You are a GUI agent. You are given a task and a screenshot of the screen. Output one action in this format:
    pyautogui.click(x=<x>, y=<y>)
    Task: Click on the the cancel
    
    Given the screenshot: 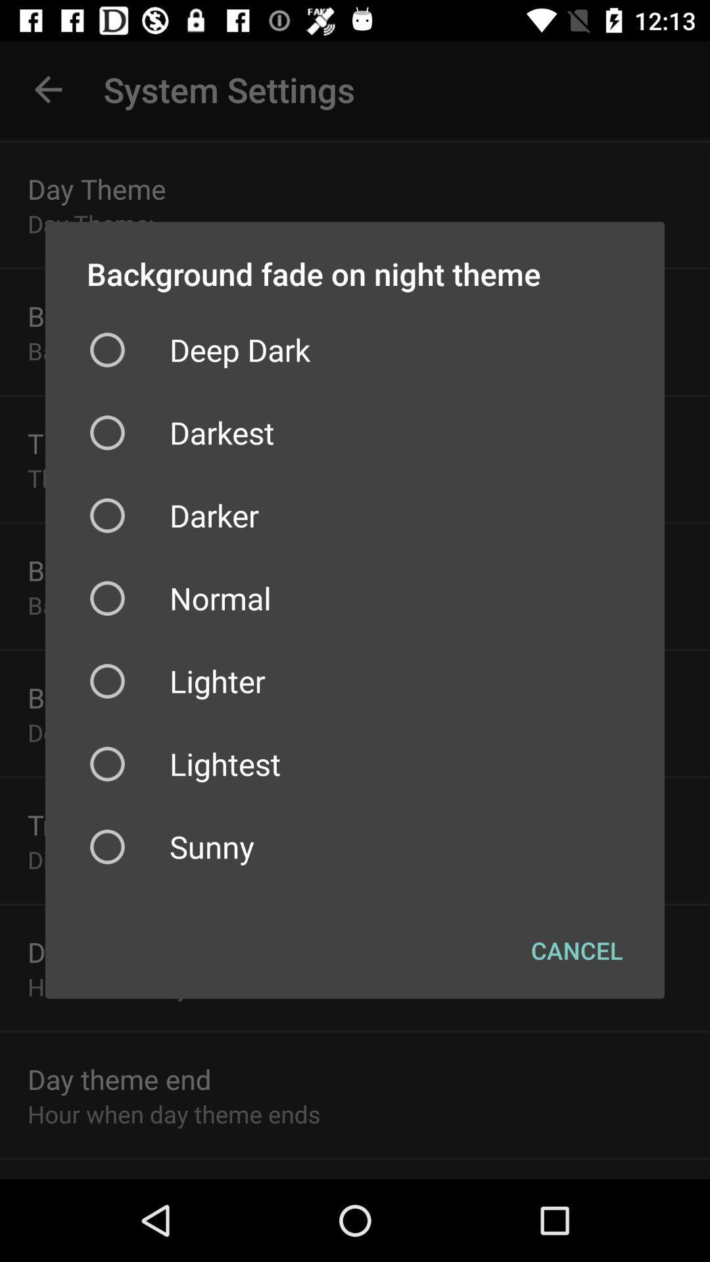 What is the action you would take?
    pyautogui.click(x=576, y=950)
    